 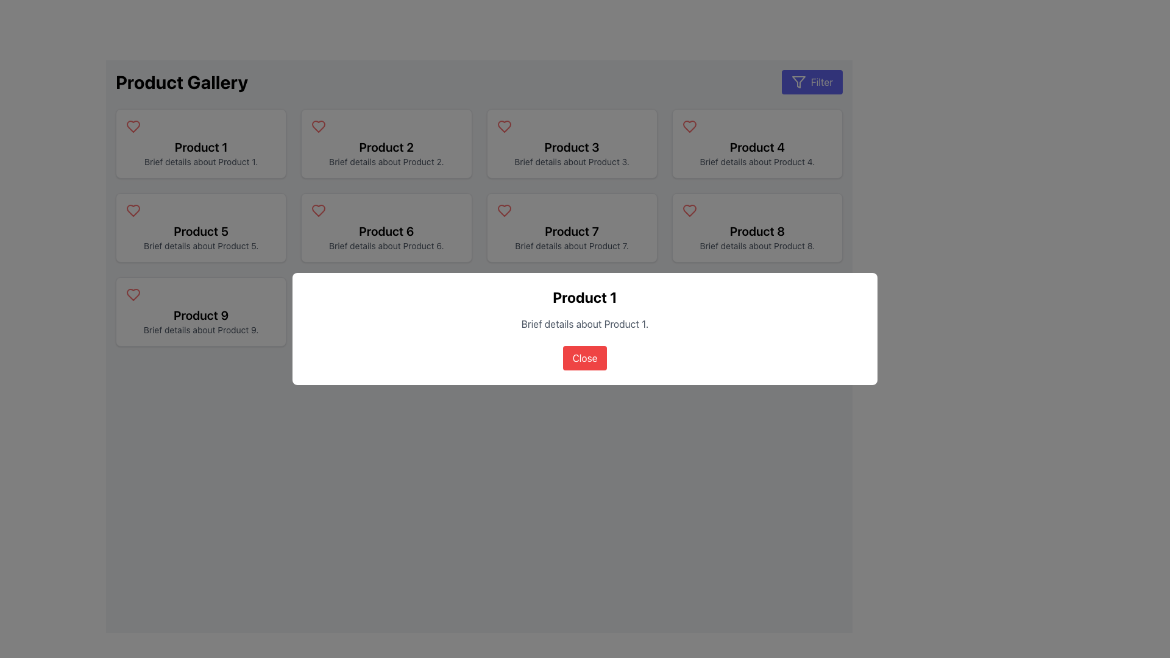 I want to click on the product card displaying 'Product 3' with a red heart icon in the top left corner, so click(x=571, y=143).